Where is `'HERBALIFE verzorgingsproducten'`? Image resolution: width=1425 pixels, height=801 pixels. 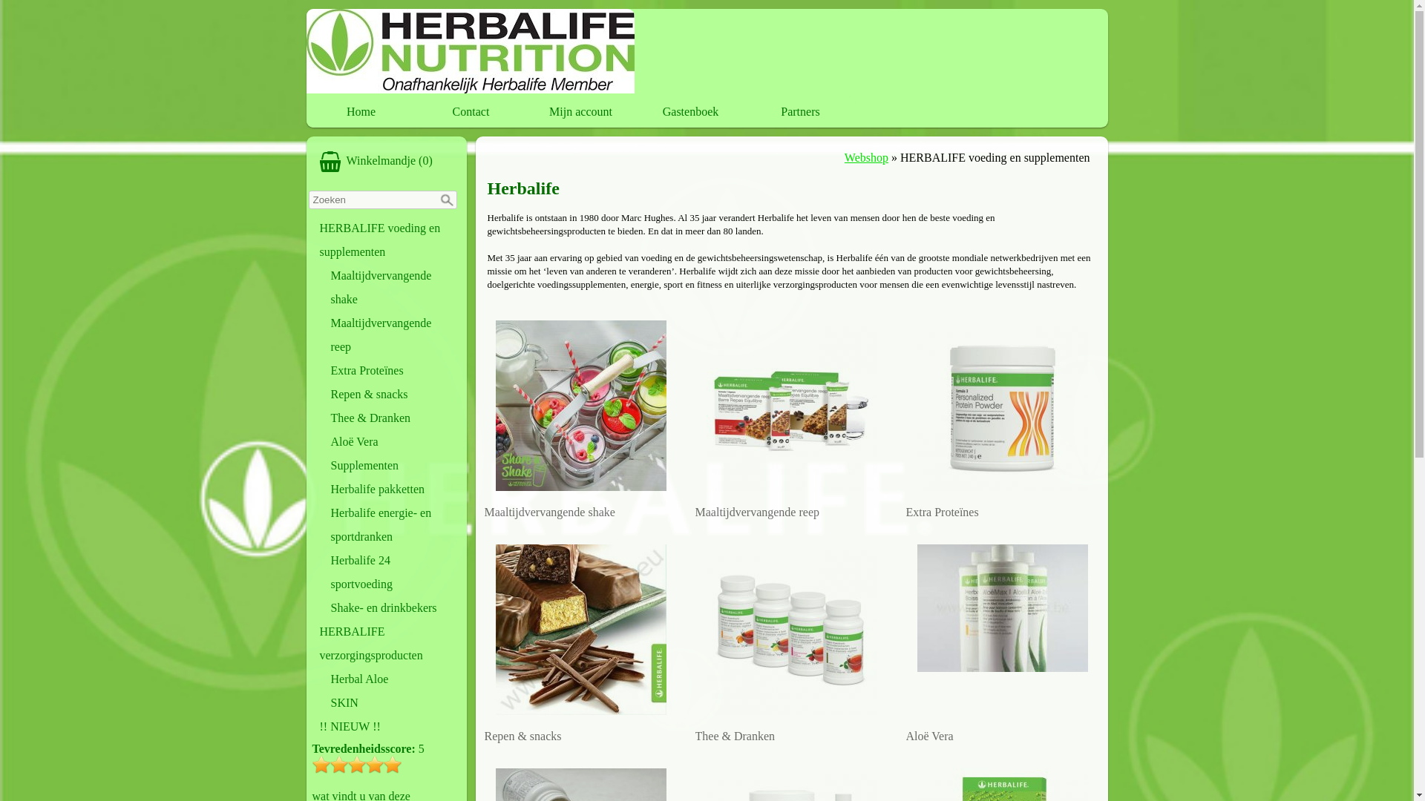
'HERBALIFE verzorgingsproducten' is located at coordinates (387, 642).